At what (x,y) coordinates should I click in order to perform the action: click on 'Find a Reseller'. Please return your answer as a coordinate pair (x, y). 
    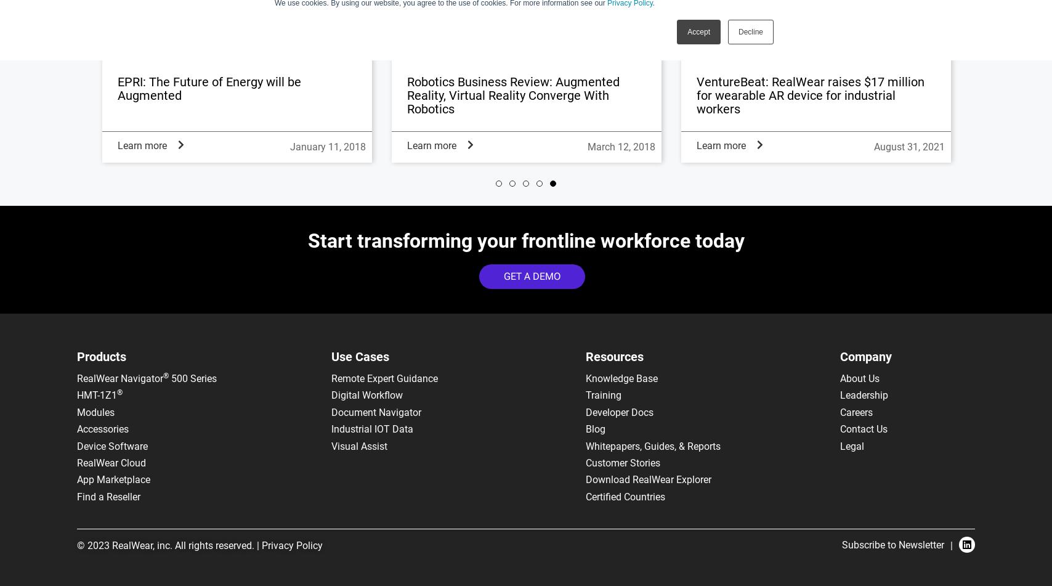
    Looking at the image, I should click on (108, 495).